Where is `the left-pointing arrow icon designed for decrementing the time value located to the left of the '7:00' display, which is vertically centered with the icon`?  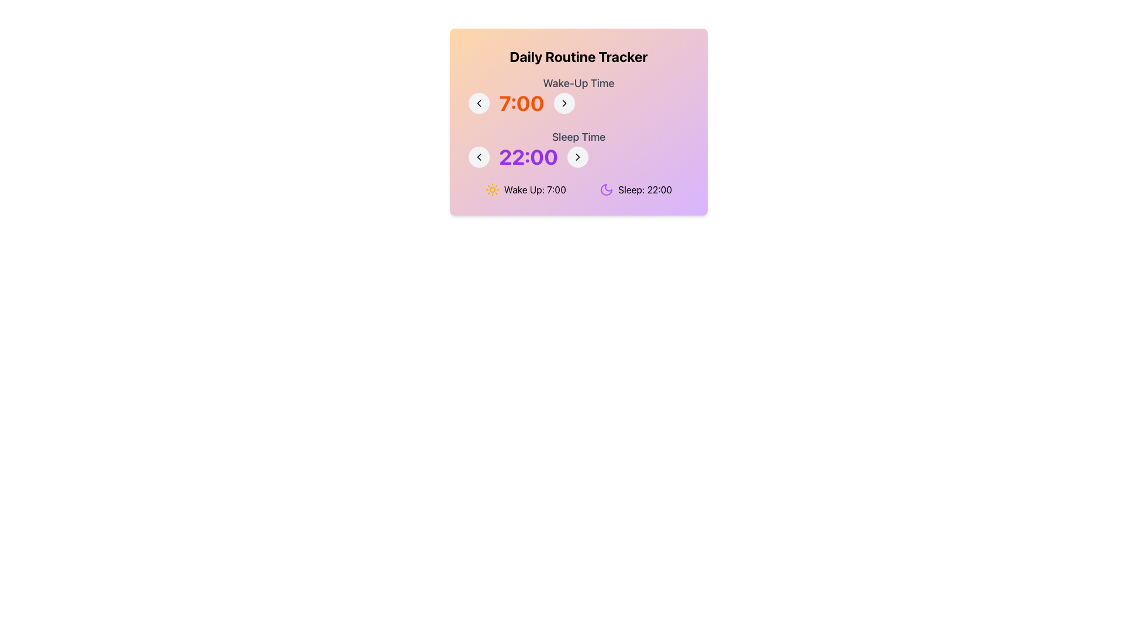
the left-pointing arrow icon designed for decrementing the time value located to the left of the '7:00' display, which is vertically centered with the icon is located at coordinates (479, 157).